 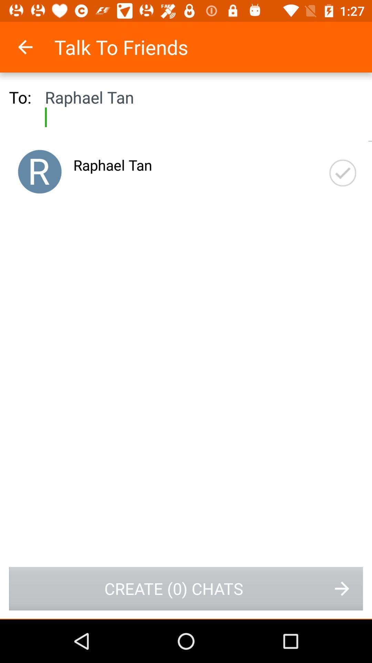 What do you see at coordinates (40, 172) in the screenshot?
I see `item next to the raphael tan` at bounding box center [40, 172].